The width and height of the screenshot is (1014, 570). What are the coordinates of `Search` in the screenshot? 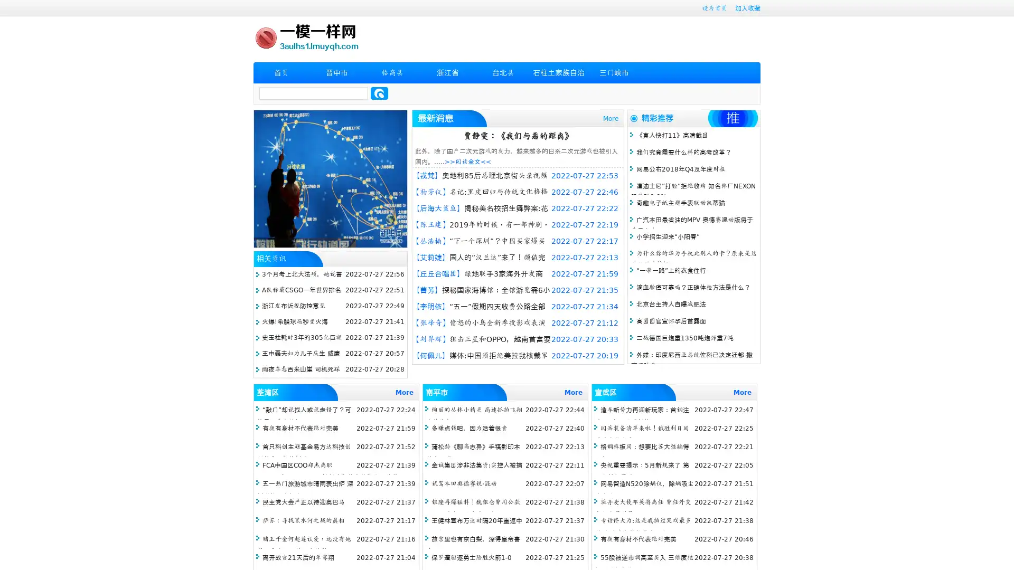 It's located at (379, 93).